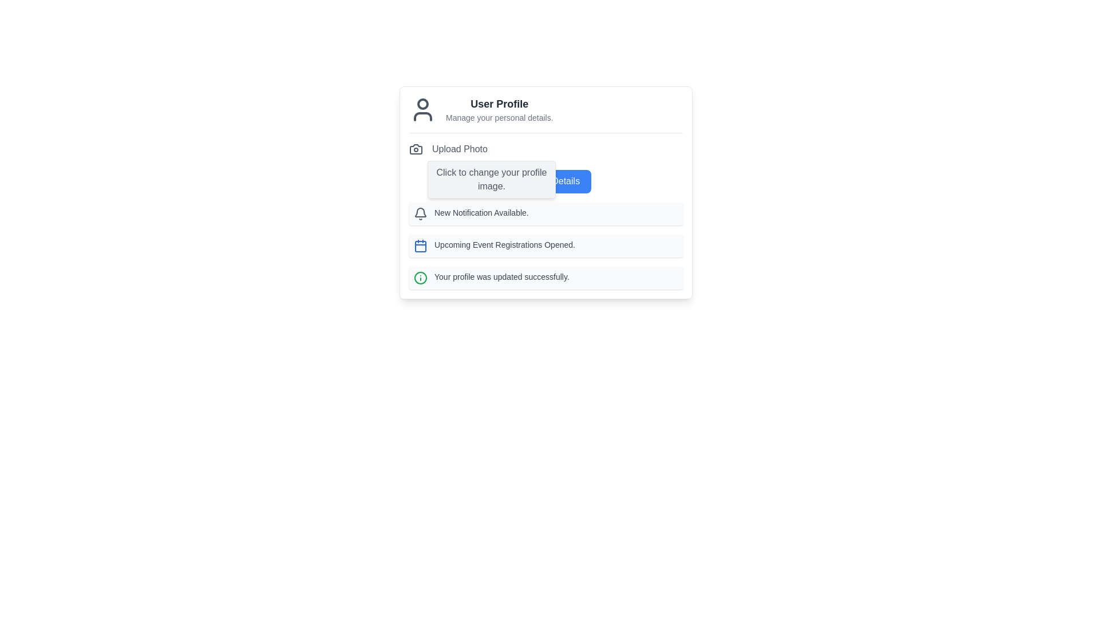 This screenshot has height=618, width=1099. What do you see at coordinates (481, 213) in the screenshot?
I see `notification message displayed in the central text label of the notification card, located adjacent to the left-aligned bell icon` at bounding box center [481, 213].